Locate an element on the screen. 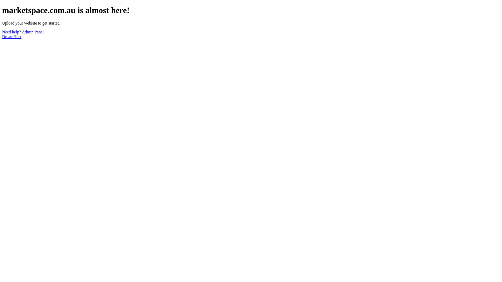  'DreamHost' is located at coordinates (2, 36).